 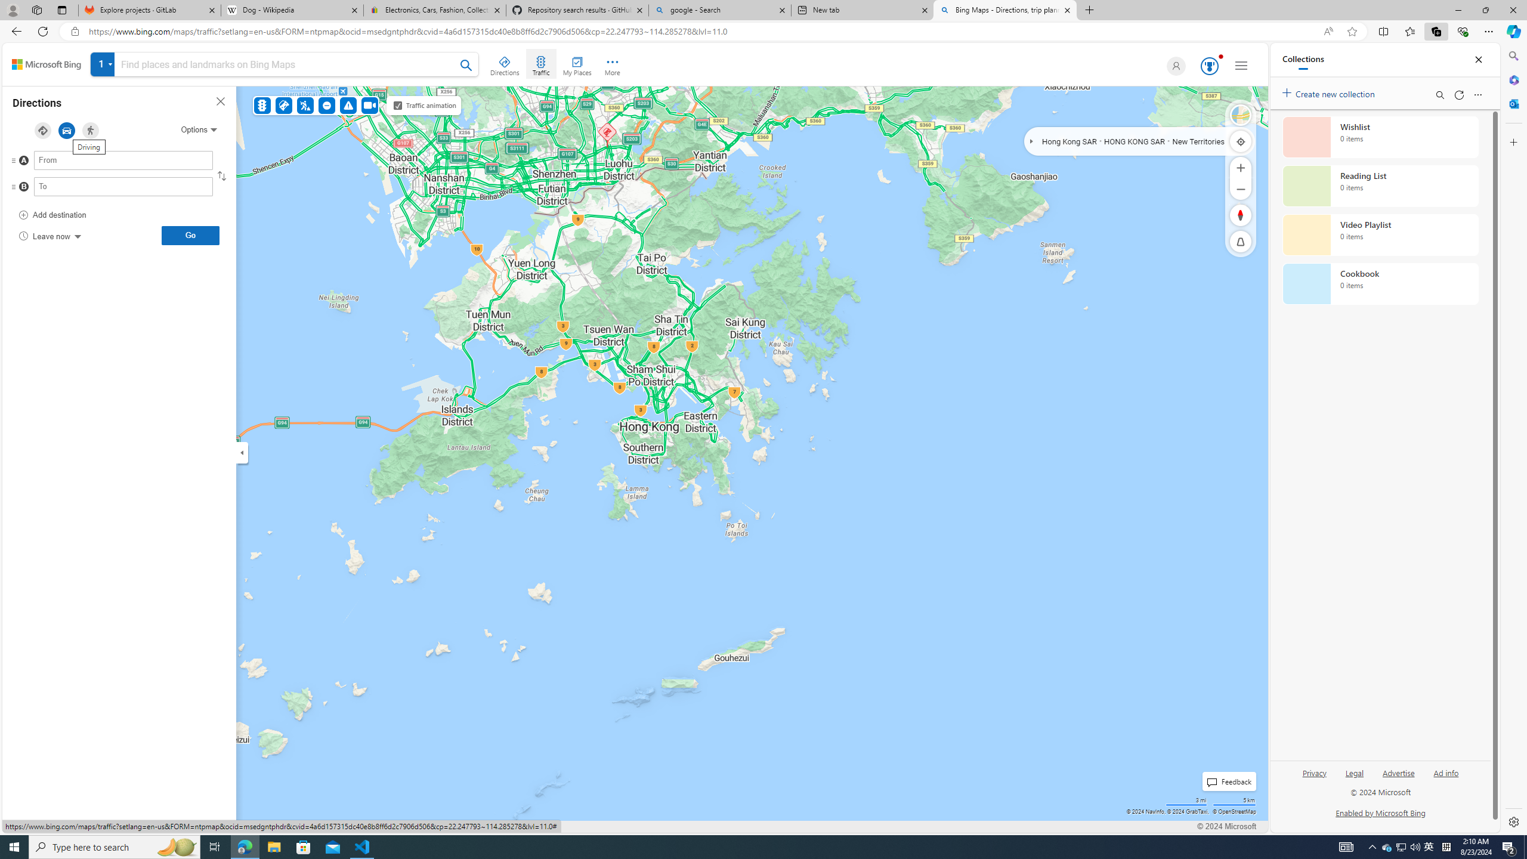 What do you see at coordinates (327, 105) in the screenshot?
I see `'Road Closures'` at bounding box center [327, 105].